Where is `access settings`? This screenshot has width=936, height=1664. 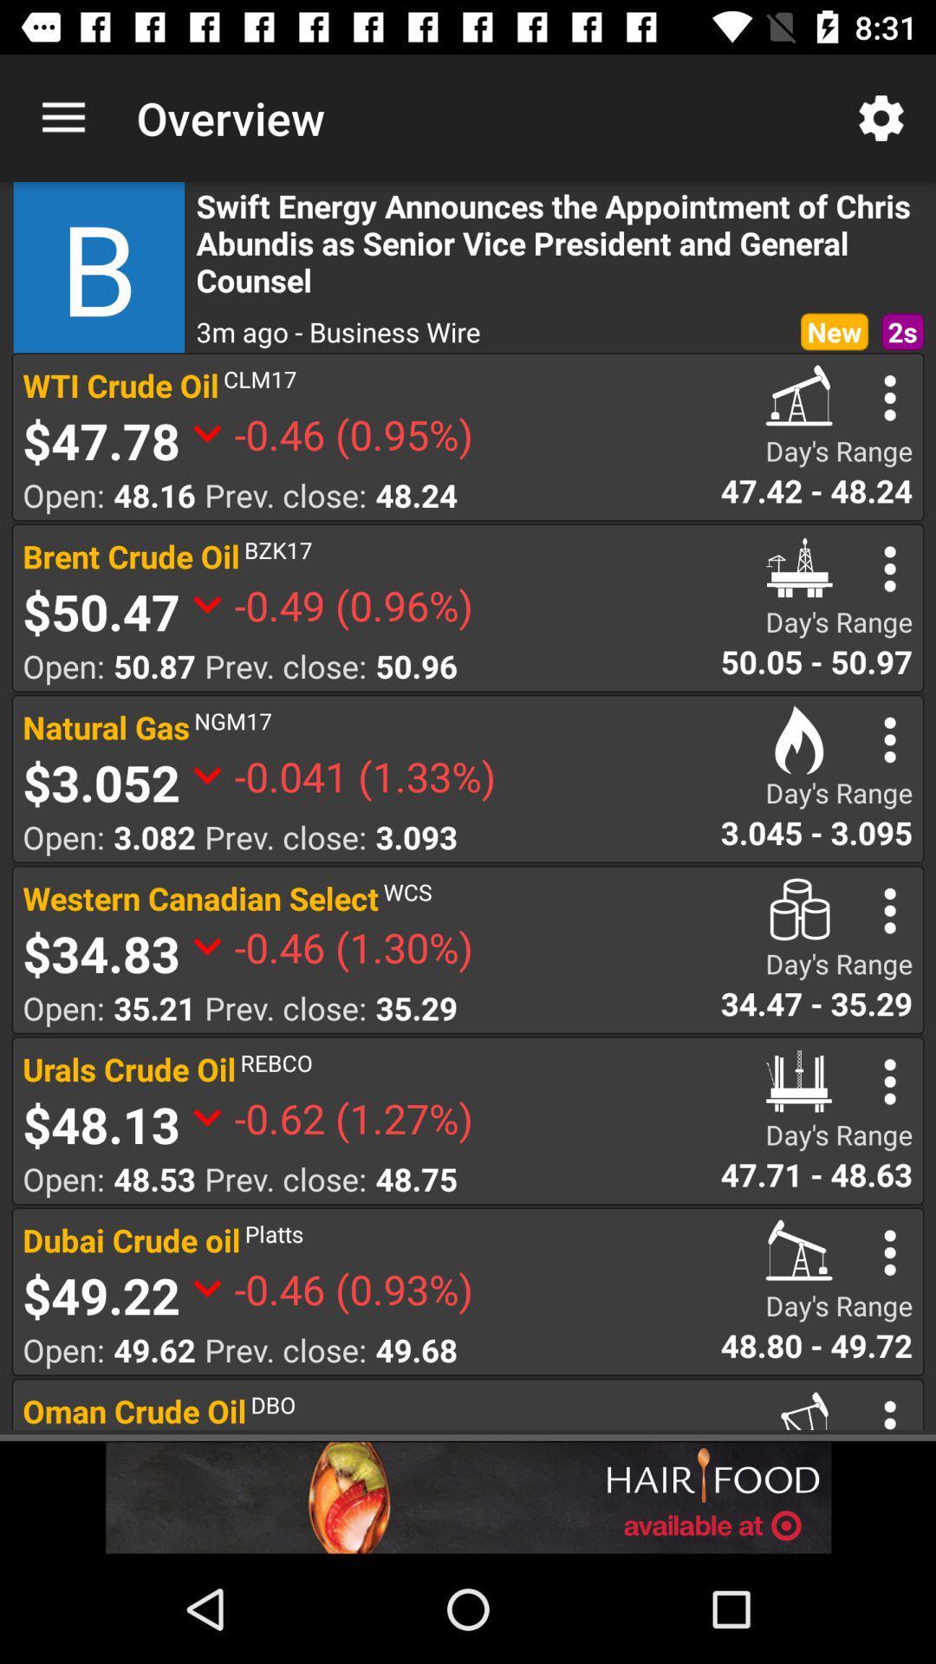 access settings is located at coordinates (890, 1081).